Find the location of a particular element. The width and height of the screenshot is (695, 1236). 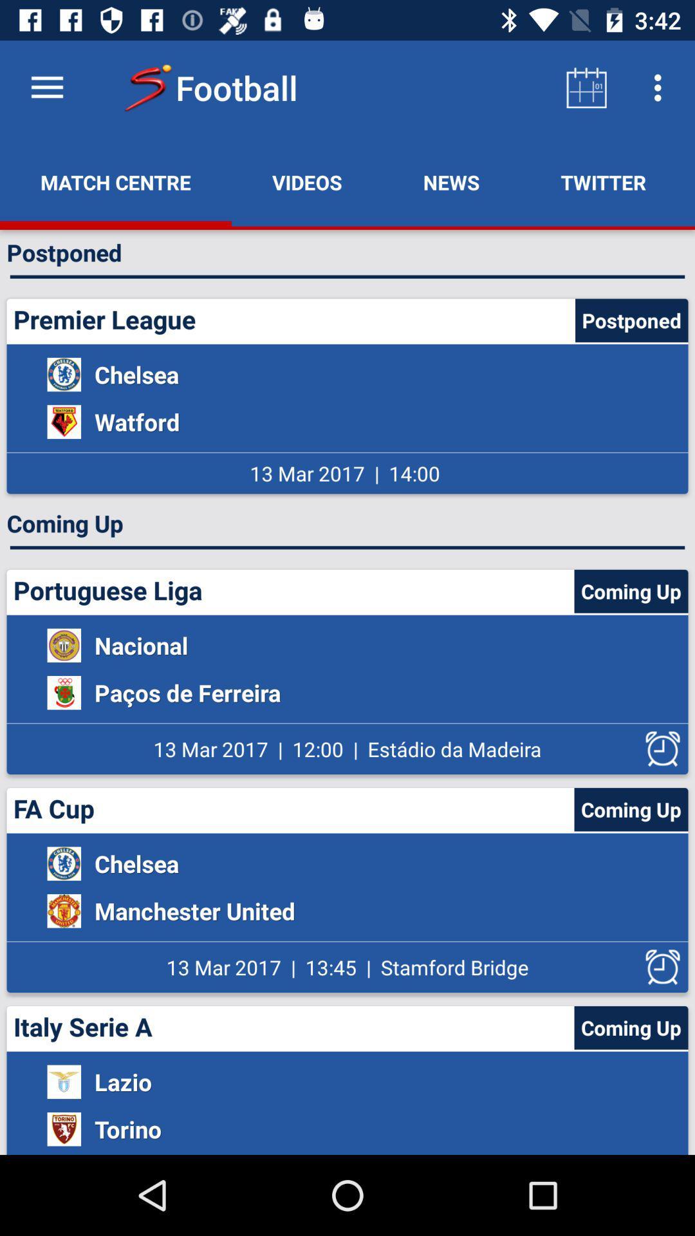

the app to the right of match centre is located at coordinates (307, 182).